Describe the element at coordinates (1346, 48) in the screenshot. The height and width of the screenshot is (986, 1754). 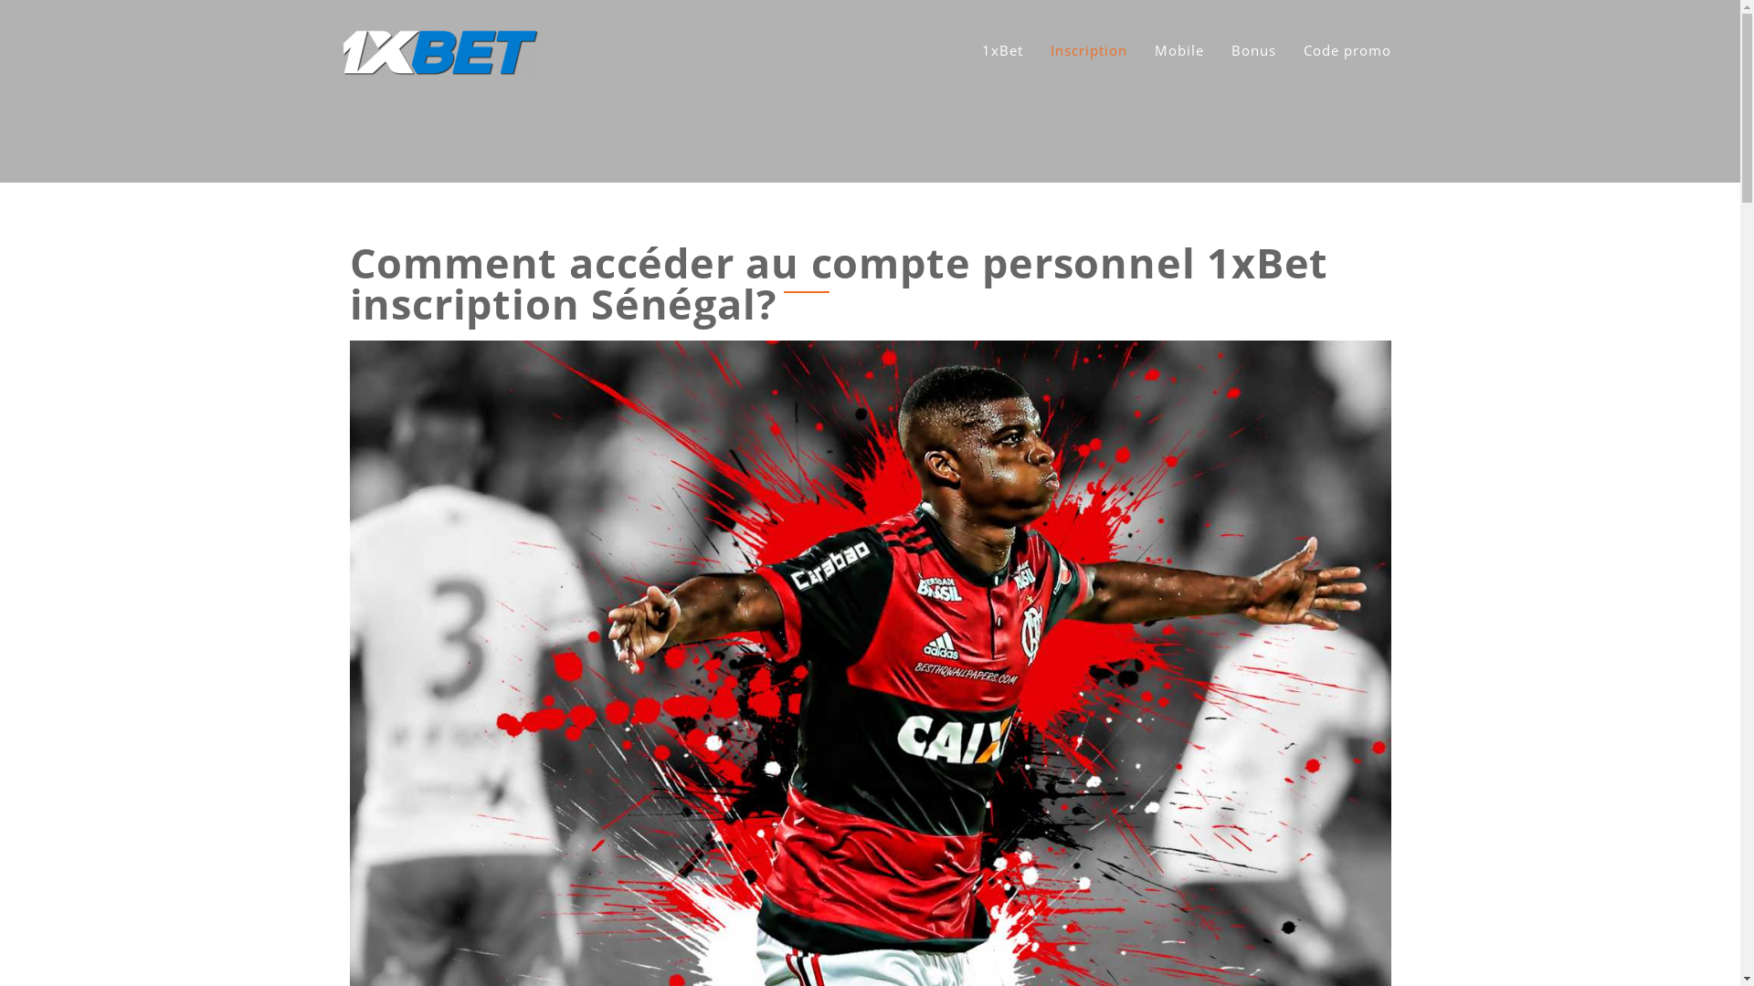
I see `'Code promo'` at that location.